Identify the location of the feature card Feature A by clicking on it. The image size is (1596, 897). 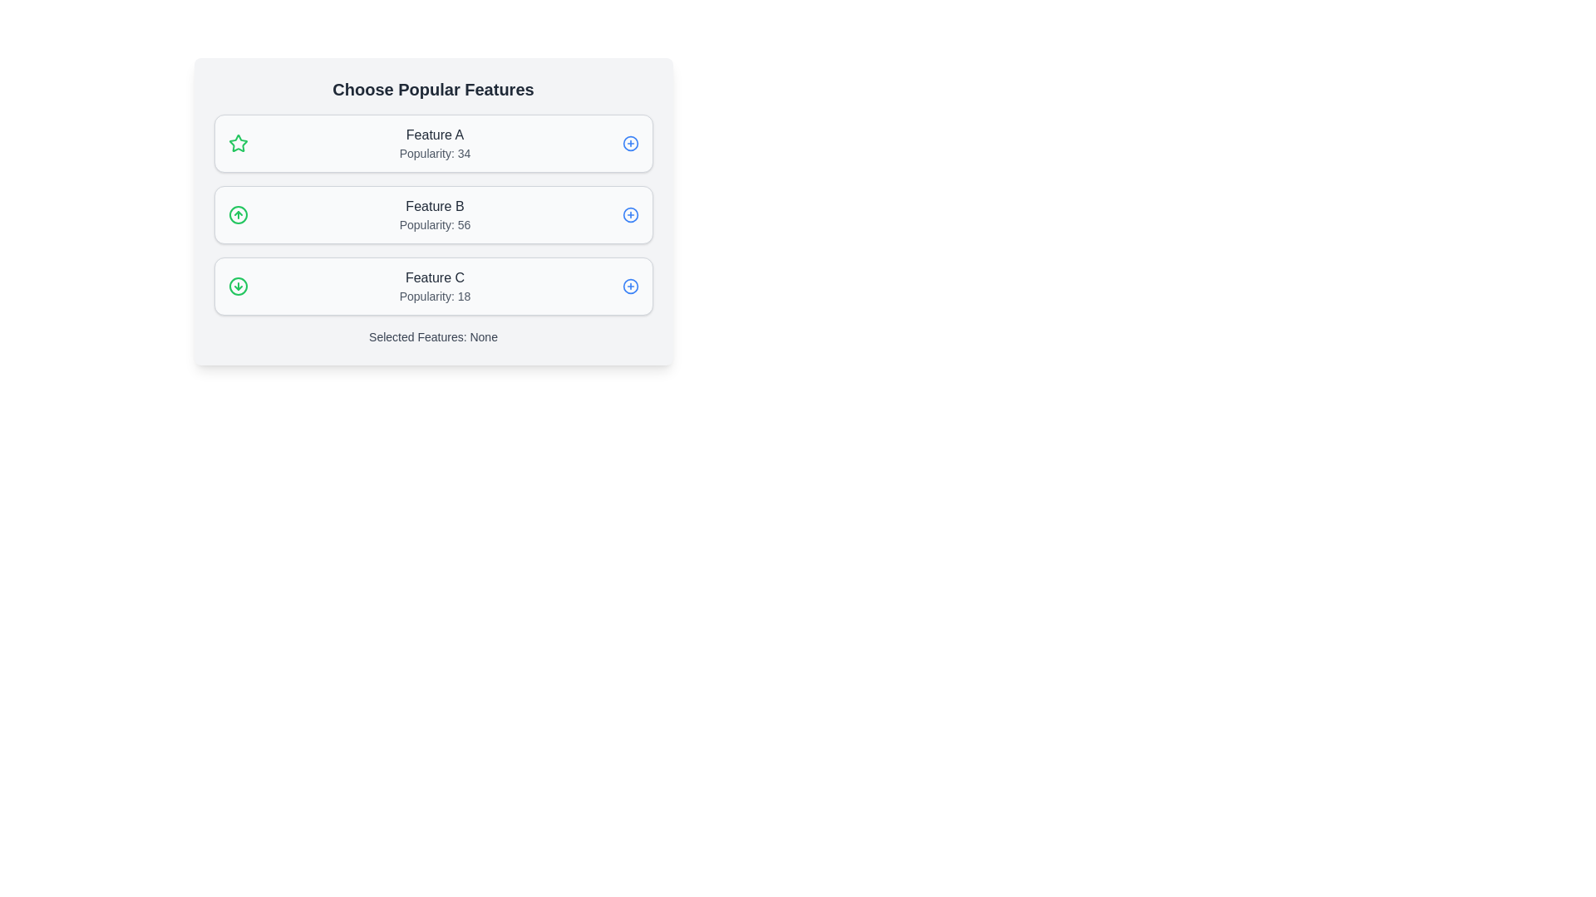
(433, 143).